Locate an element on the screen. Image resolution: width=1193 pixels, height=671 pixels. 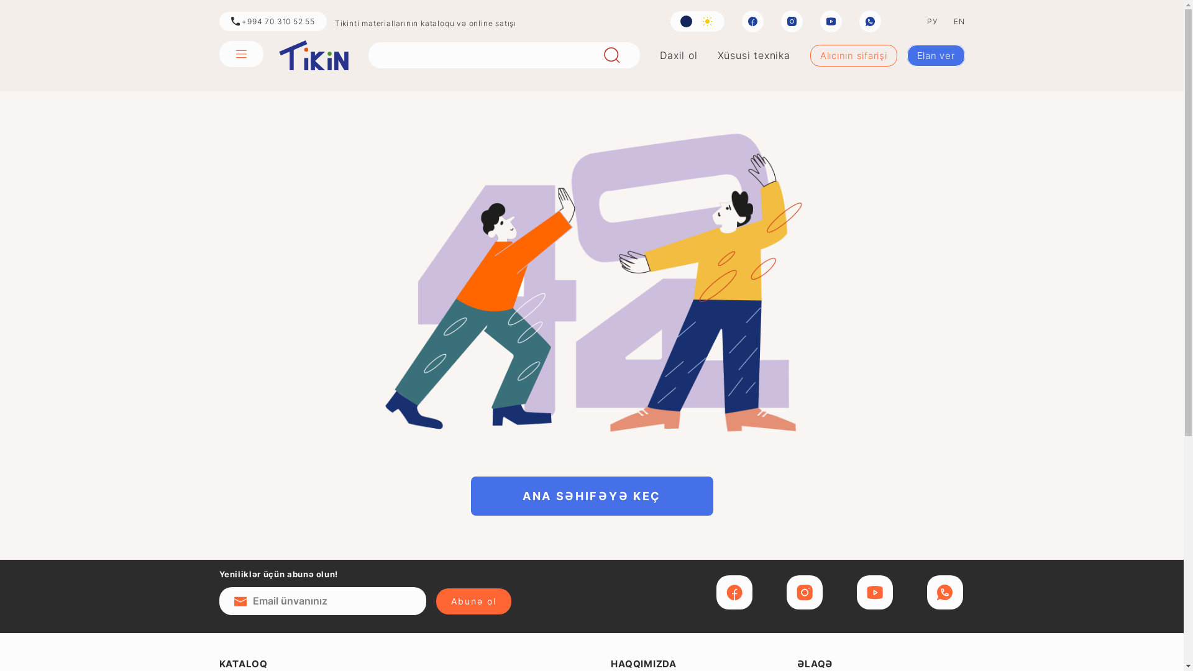
' +994 70 310 52 55' is located at coordinates (272, 21).